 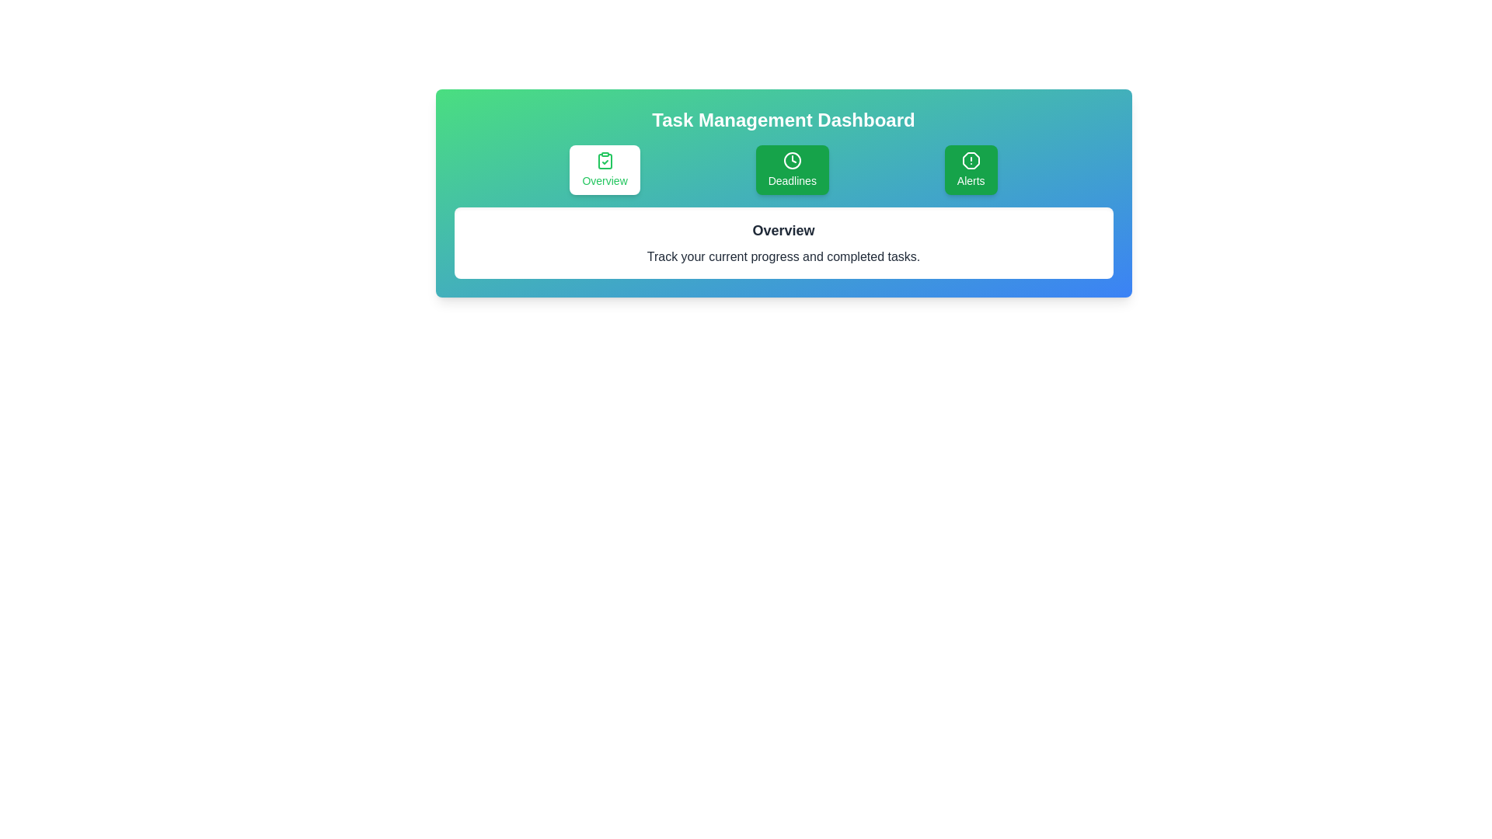 I want to click on the tab labeled 'Deadlines' to observe its hover effect, so click(x=792, y=170).